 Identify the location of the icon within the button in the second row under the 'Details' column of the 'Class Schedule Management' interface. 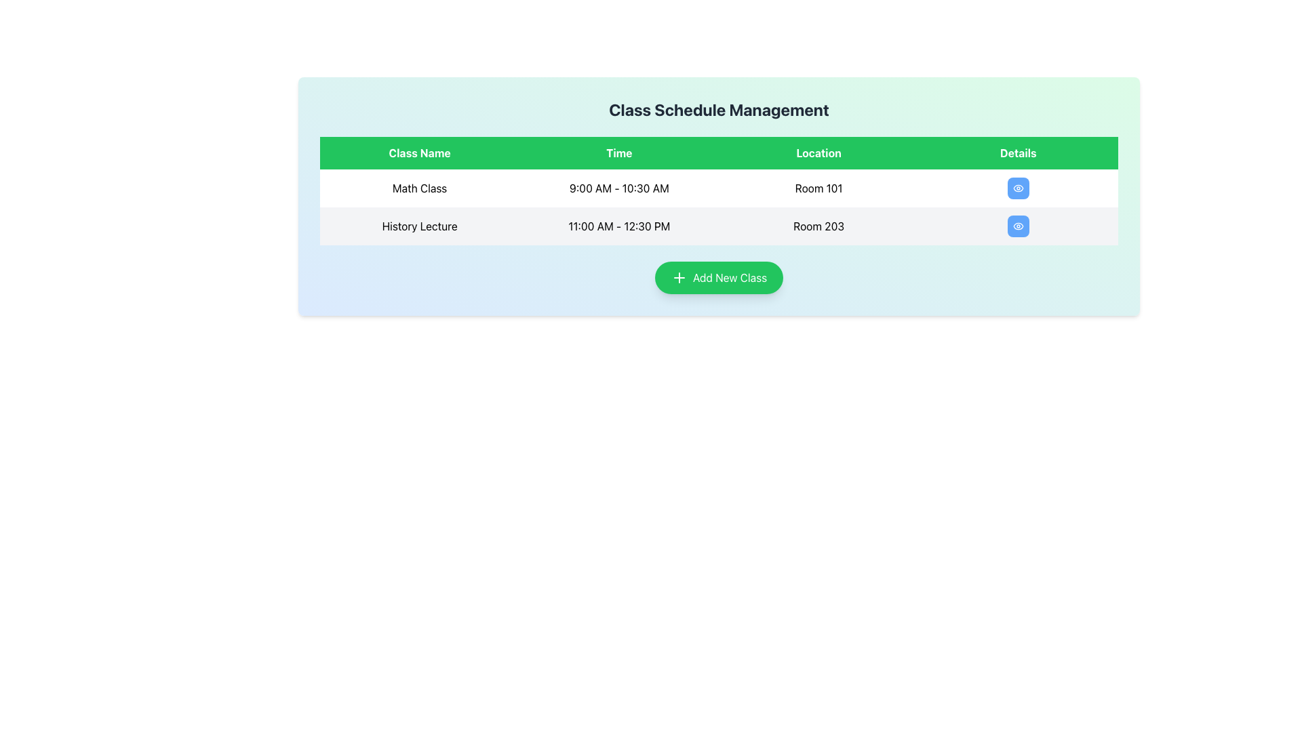
(1018, 188).